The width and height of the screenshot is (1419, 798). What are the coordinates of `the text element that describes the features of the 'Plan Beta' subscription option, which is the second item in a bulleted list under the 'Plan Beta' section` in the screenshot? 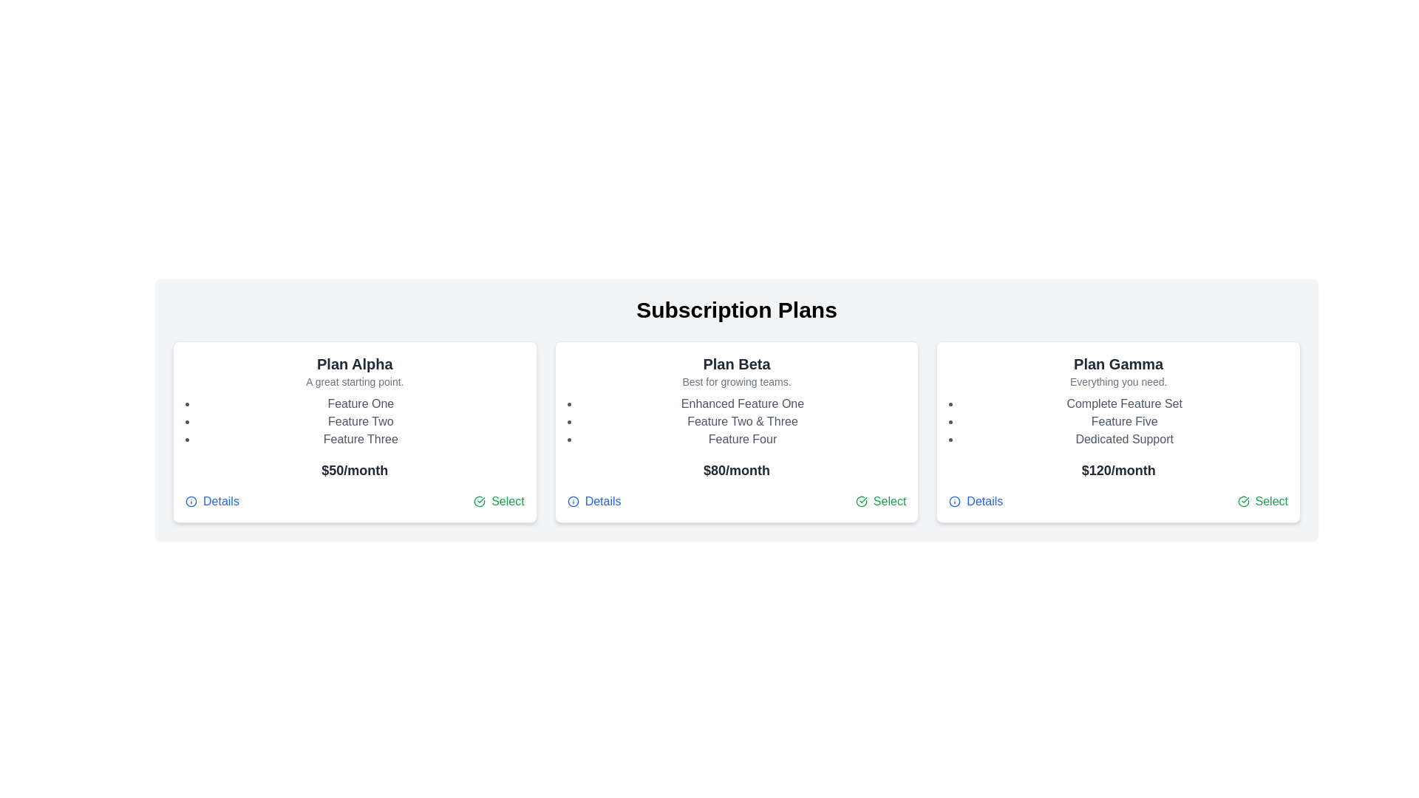 It's located at (742, 421).